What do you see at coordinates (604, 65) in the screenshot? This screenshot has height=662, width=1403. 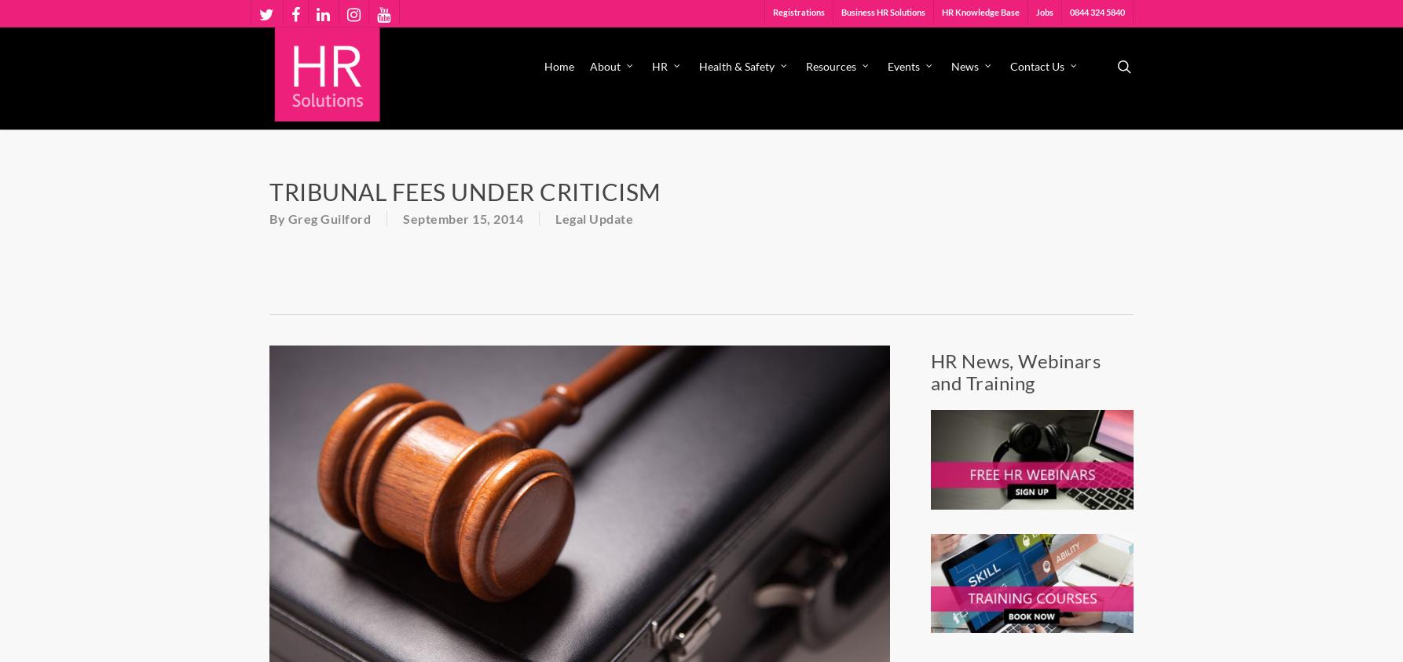 I see `'About'` at bounding box center [604, 65].